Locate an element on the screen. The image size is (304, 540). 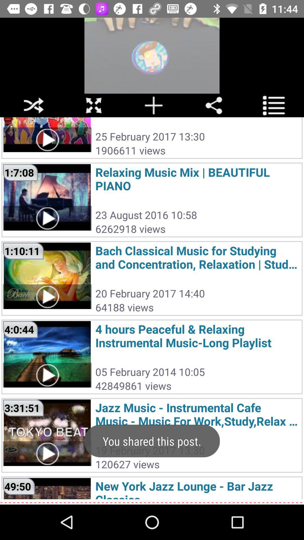
the list icon is located at coordinates (274, 105).